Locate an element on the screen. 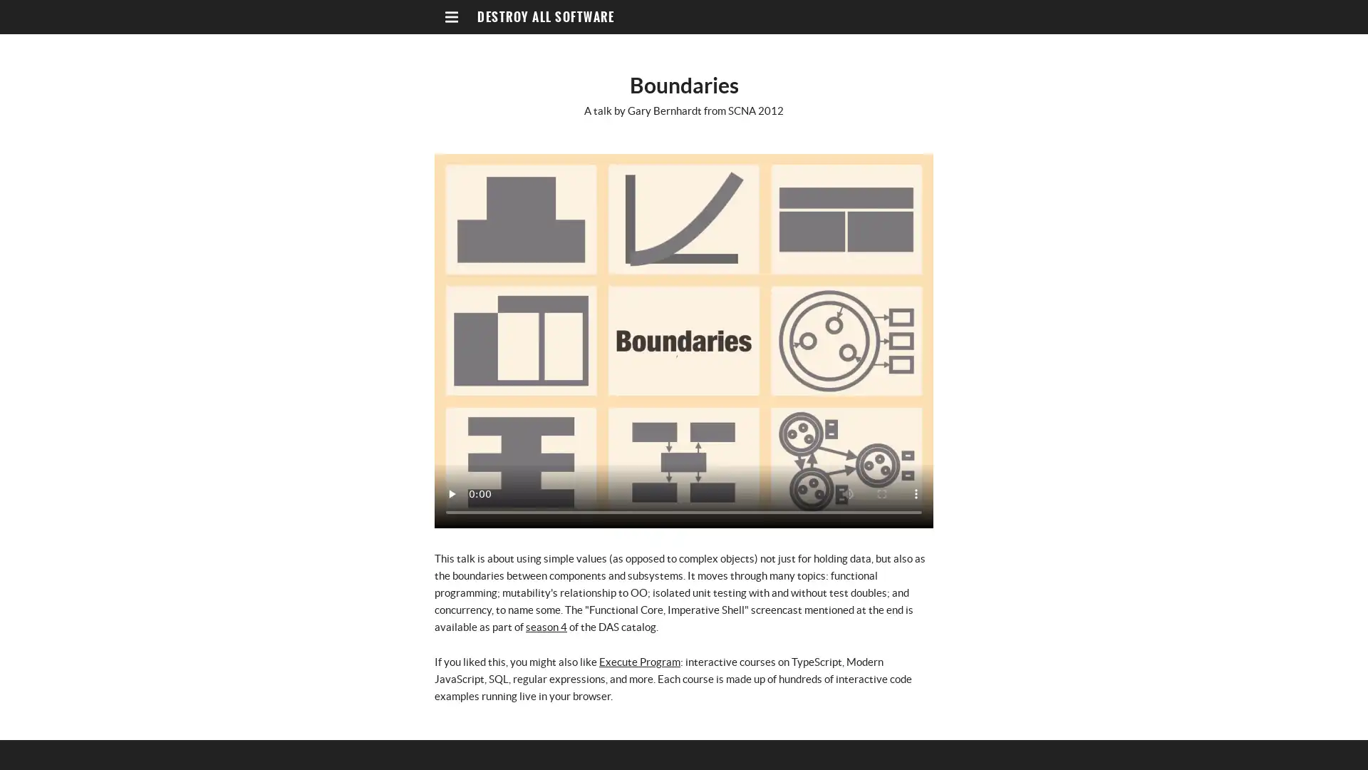 This screenshot has width=1368, height=770. play is located at coordinates (450, 493).